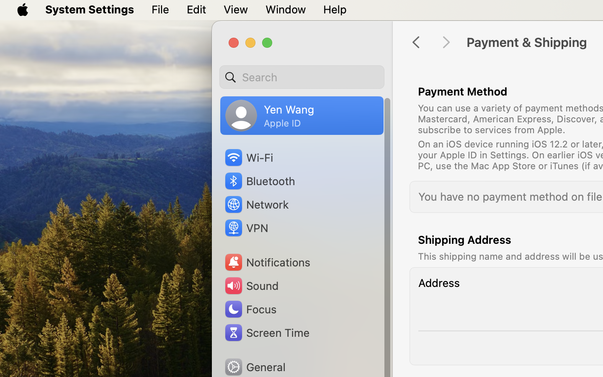  What do you see at coordinates (266, 332) in the screenshot?
I see `'Screen Time'` at bounding box center [266, 332].